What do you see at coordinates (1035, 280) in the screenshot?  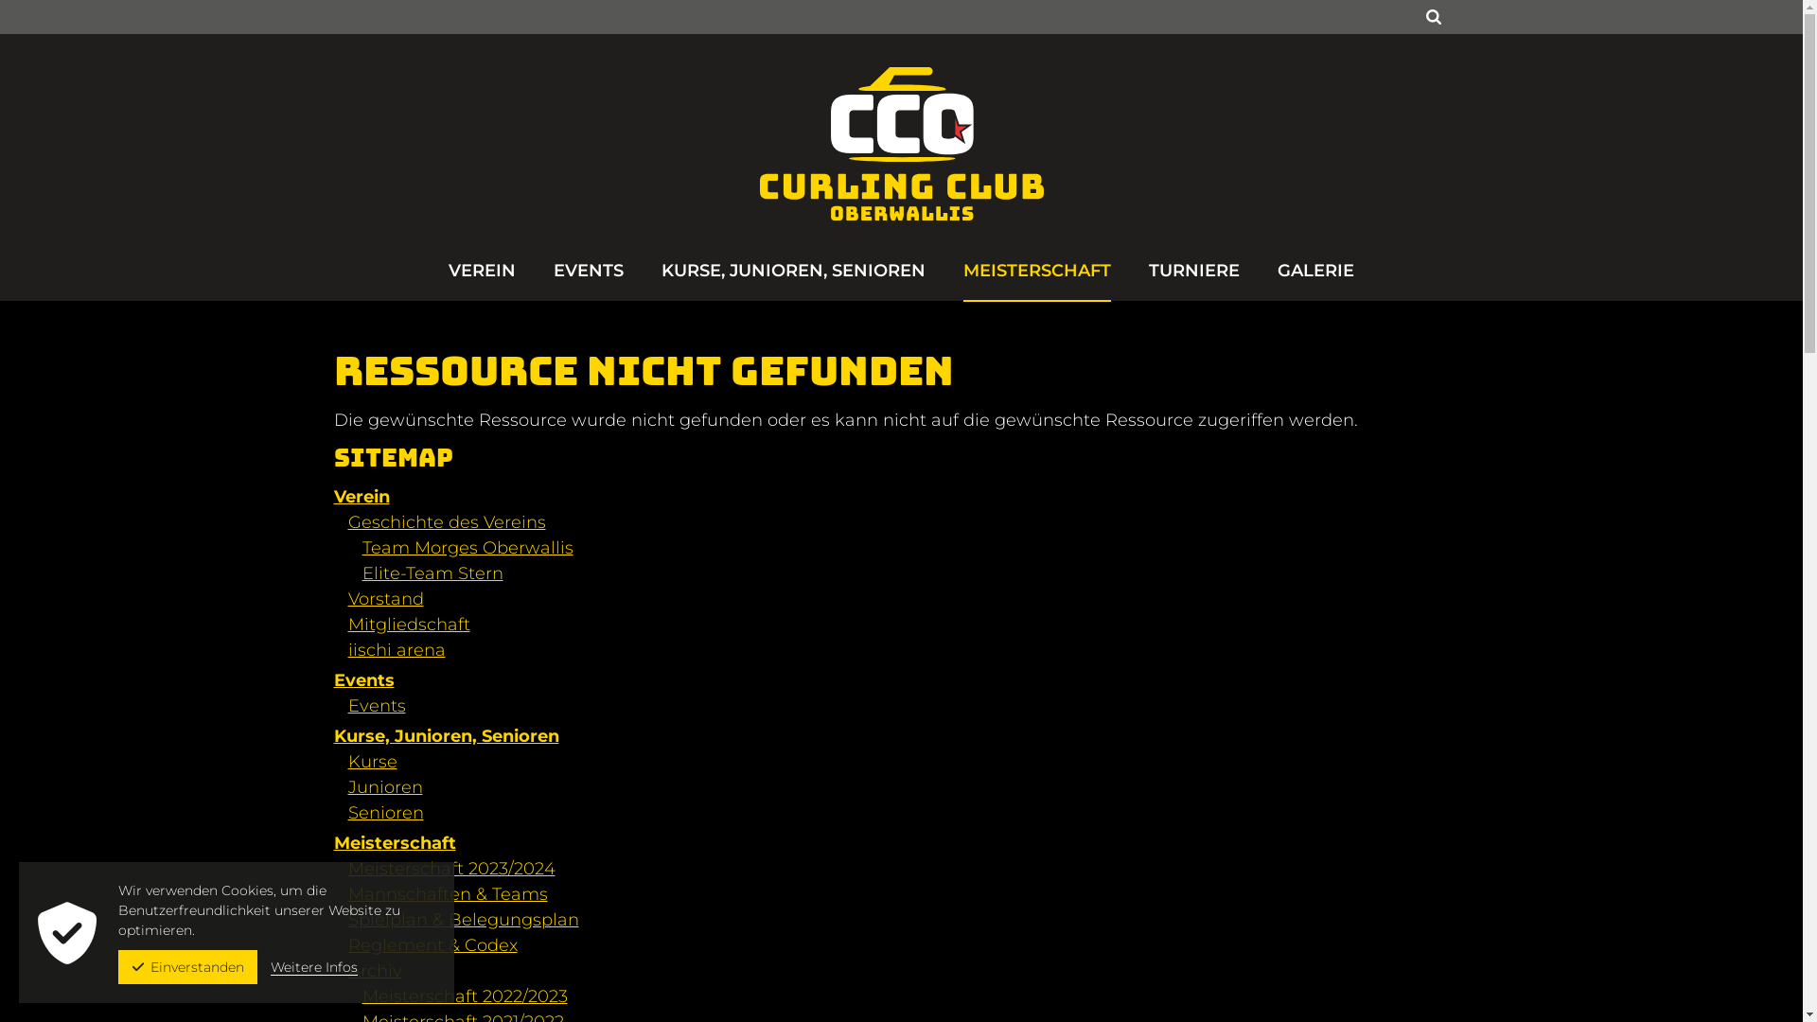 I see `'MEISTERSCHAFT'` at bounding box center [1035, 280].